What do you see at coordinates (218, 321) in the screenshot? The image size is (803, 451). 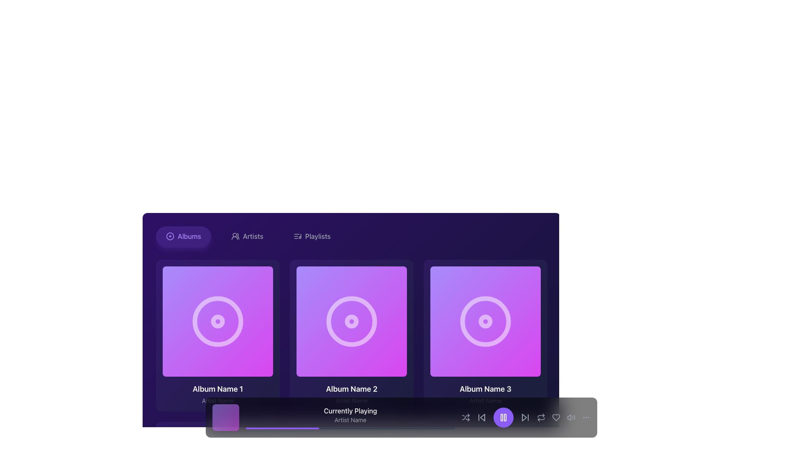 I see `the album cover element representing 'Album Name 1' and 'Artist Name'` at bounding box center [218, 321].